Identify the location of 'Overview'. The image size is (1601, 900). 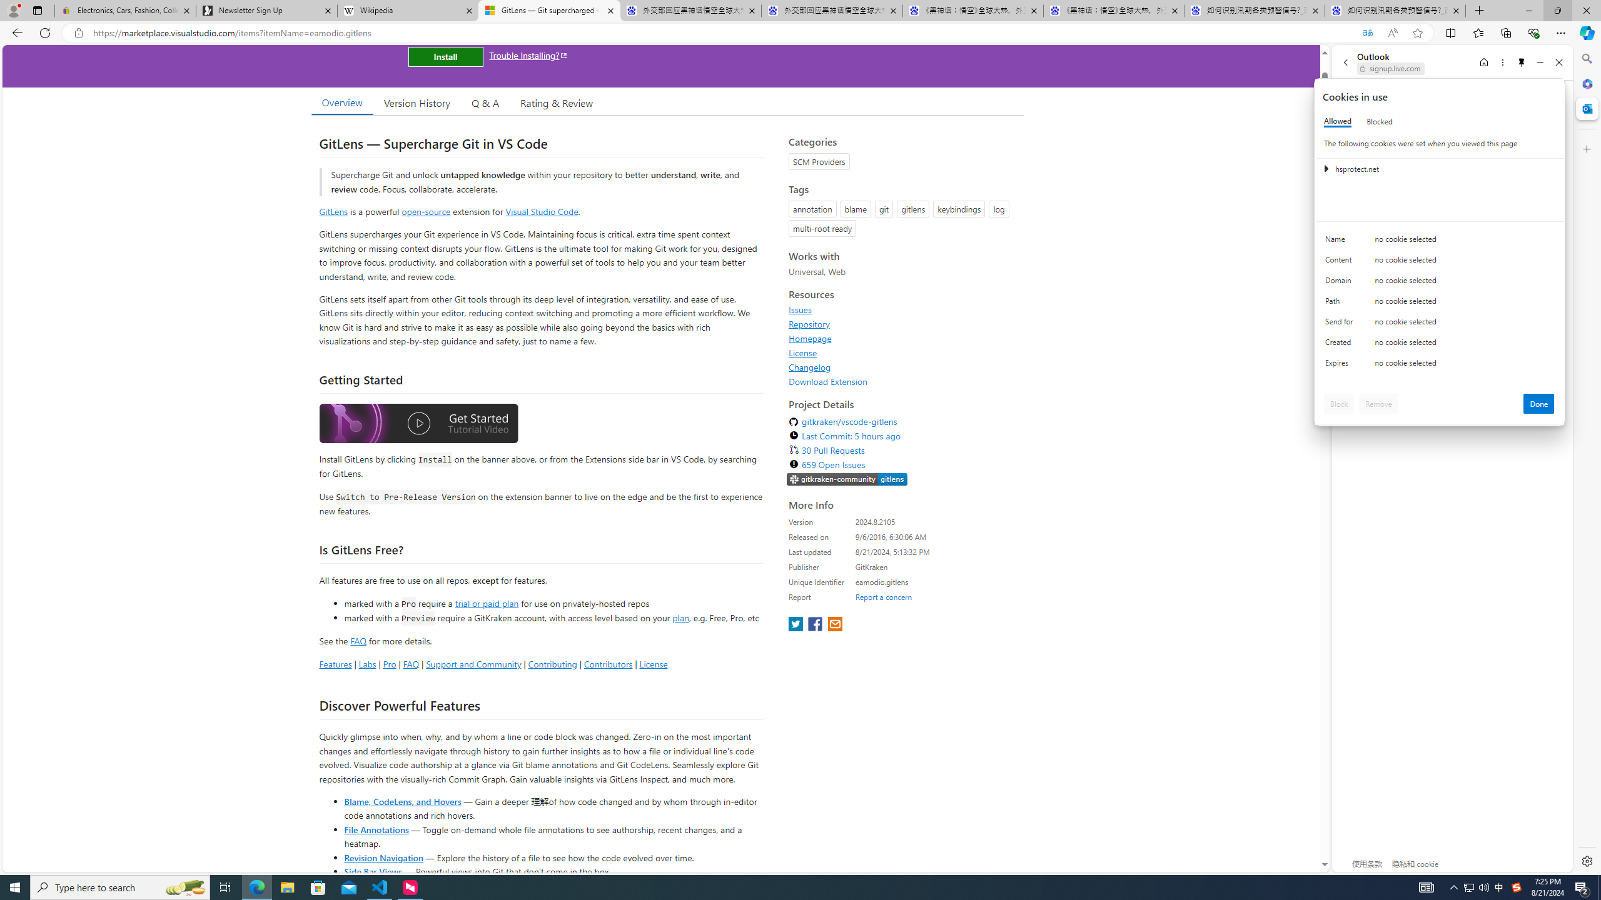
(341, 102).